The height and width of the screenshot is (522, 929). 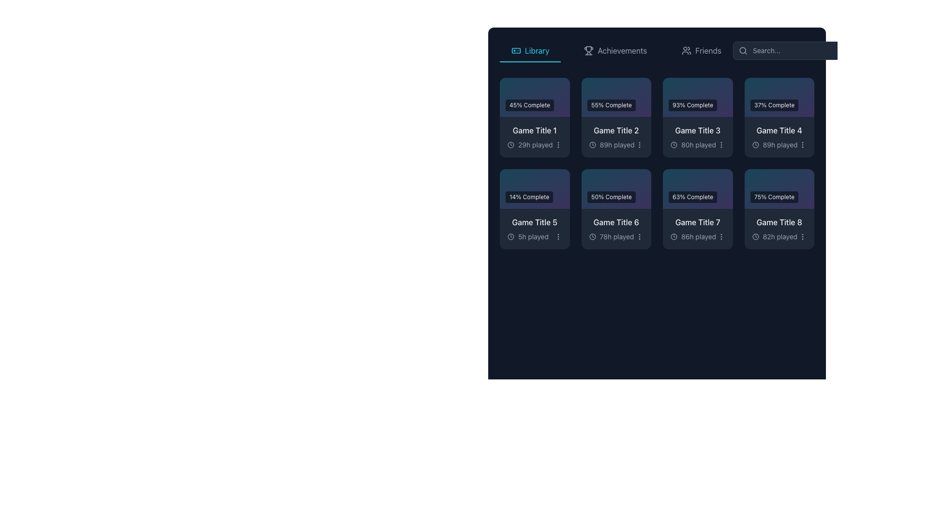 What do you see at coordinates (592, 236) in the screenshot?
I see `the clock icon located to the left of the '78h played' text in the 'Game Title 6' card as a non-interactive indicator` at bounding box center [592, 236].